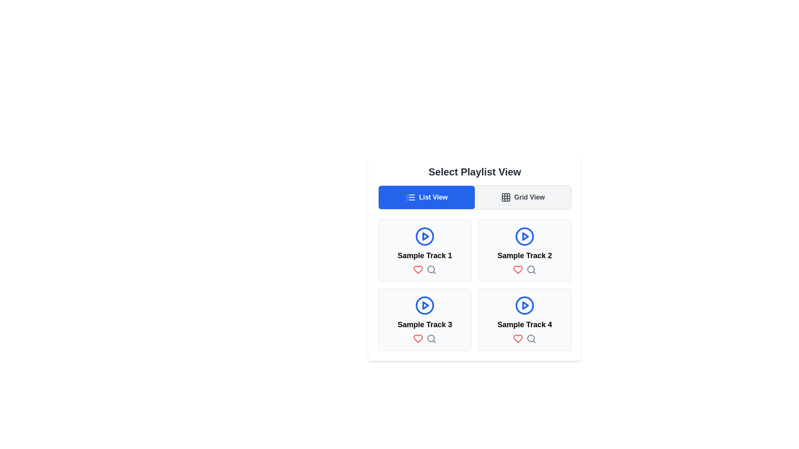 The width and height of the screenshot is (799, 449). I want to click on the text label displaying 'Sample Track 3', which is located in the lower row of a grid layout, specifically in the left cell of the second row, and is visually prominent with a bold font style, so click(425, 324).